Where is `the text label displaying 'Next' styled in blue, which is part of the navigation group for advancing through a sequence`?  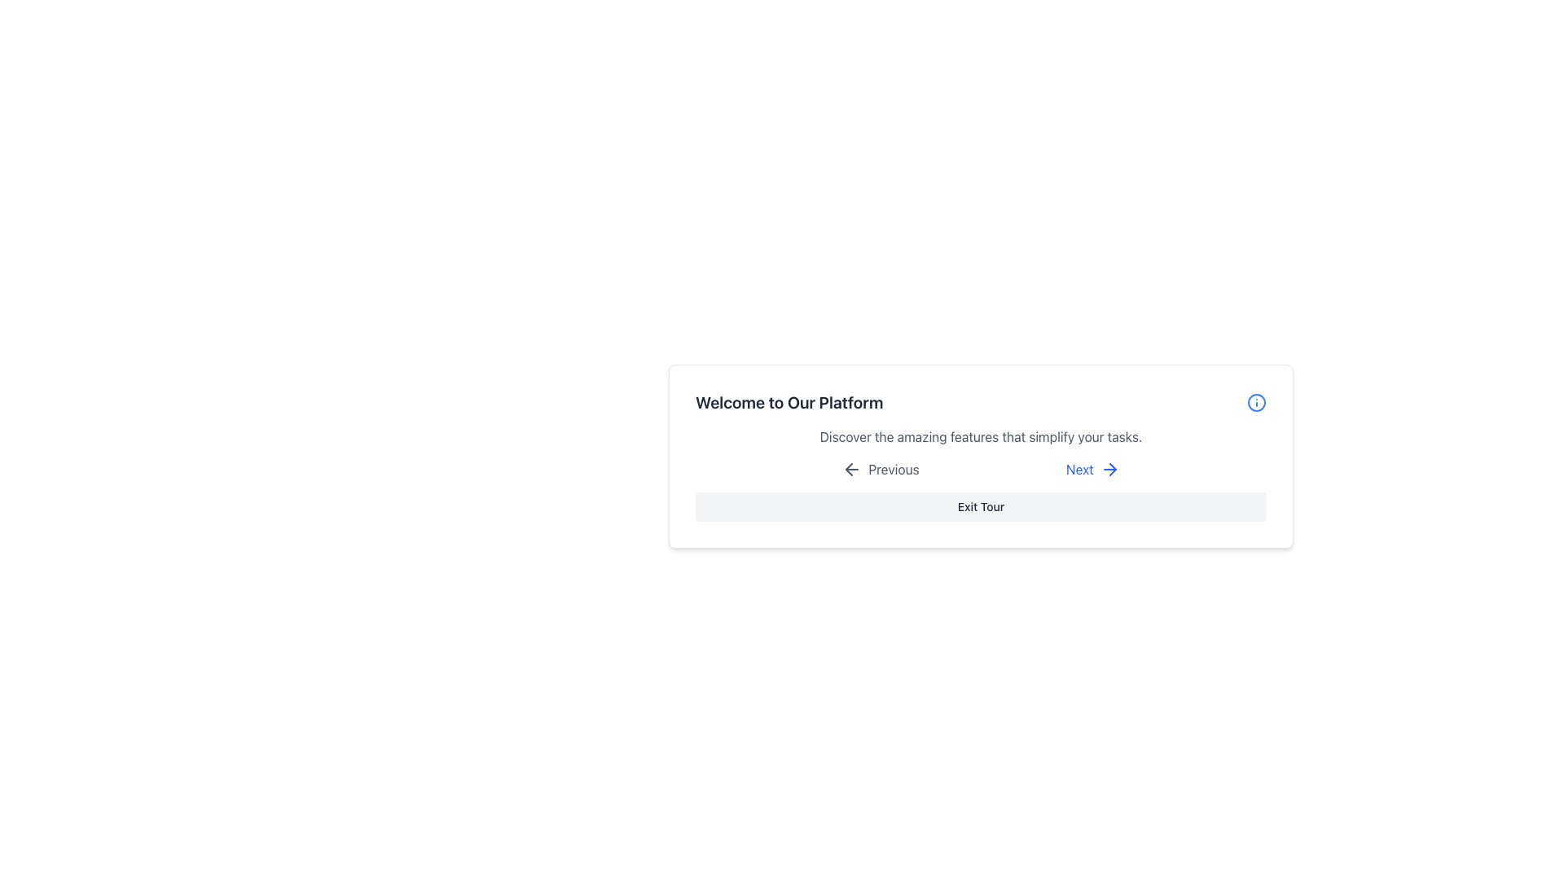 the text label displaying 'Next' styled in blue, which is part of the navigation group for advancing through a sequence is located at coordinates (1079, 470).